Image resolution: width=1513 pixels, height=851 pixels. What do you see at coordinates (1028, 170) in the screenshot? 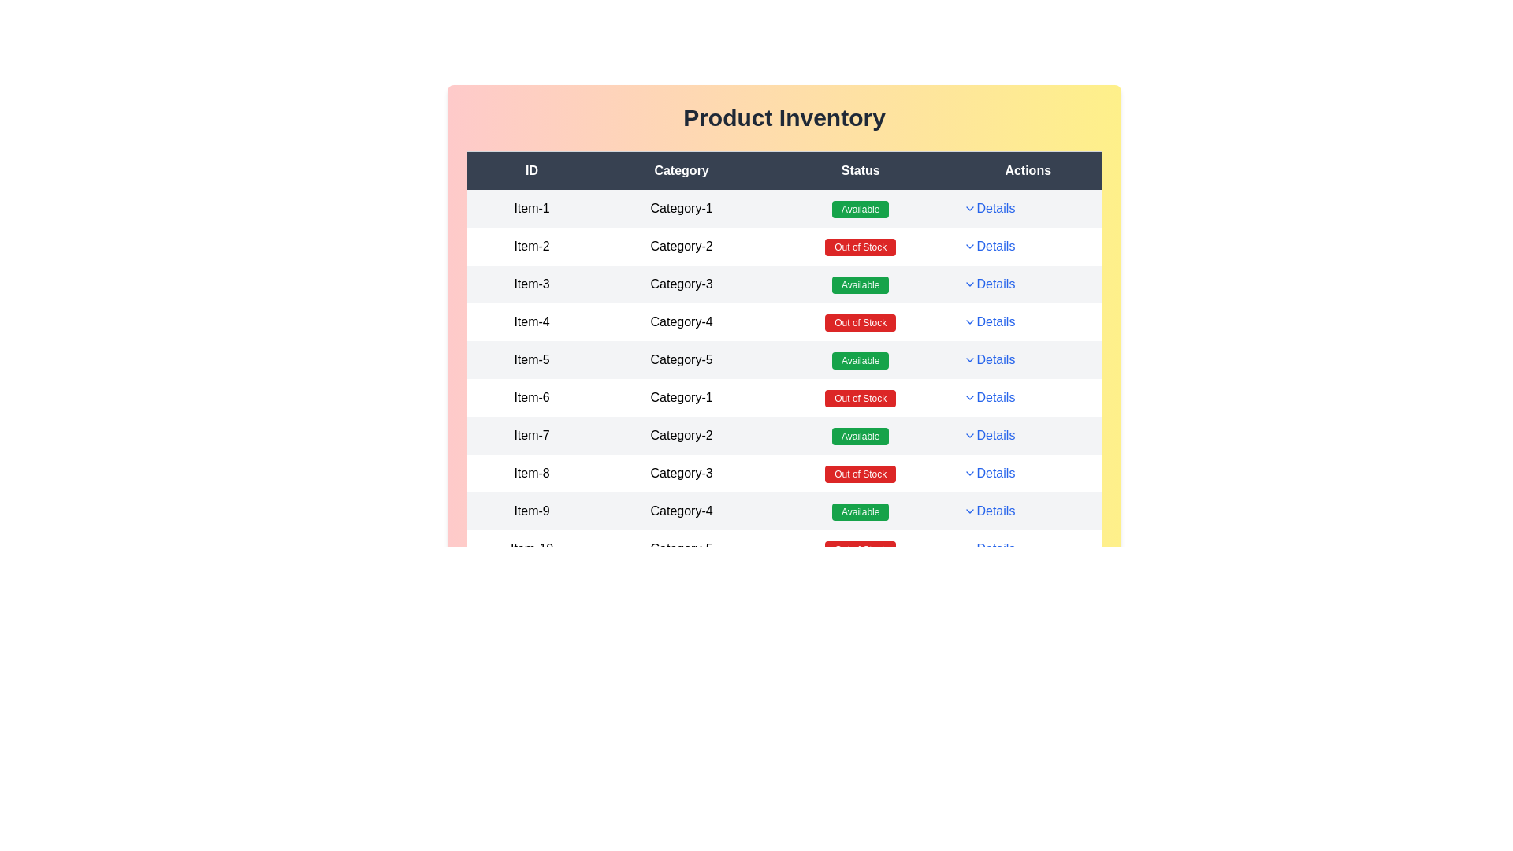
I see `the table header to sort by Actions` at bounding box center [1028, 170].